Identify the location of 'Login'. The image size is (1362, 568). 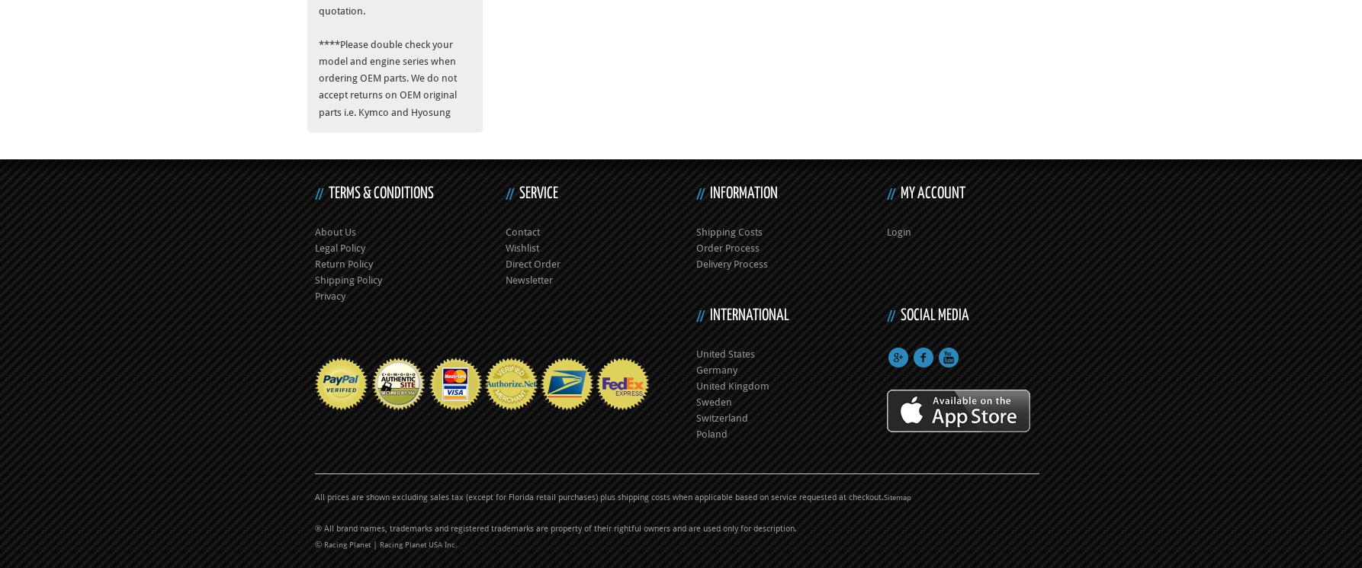
(886, 231).